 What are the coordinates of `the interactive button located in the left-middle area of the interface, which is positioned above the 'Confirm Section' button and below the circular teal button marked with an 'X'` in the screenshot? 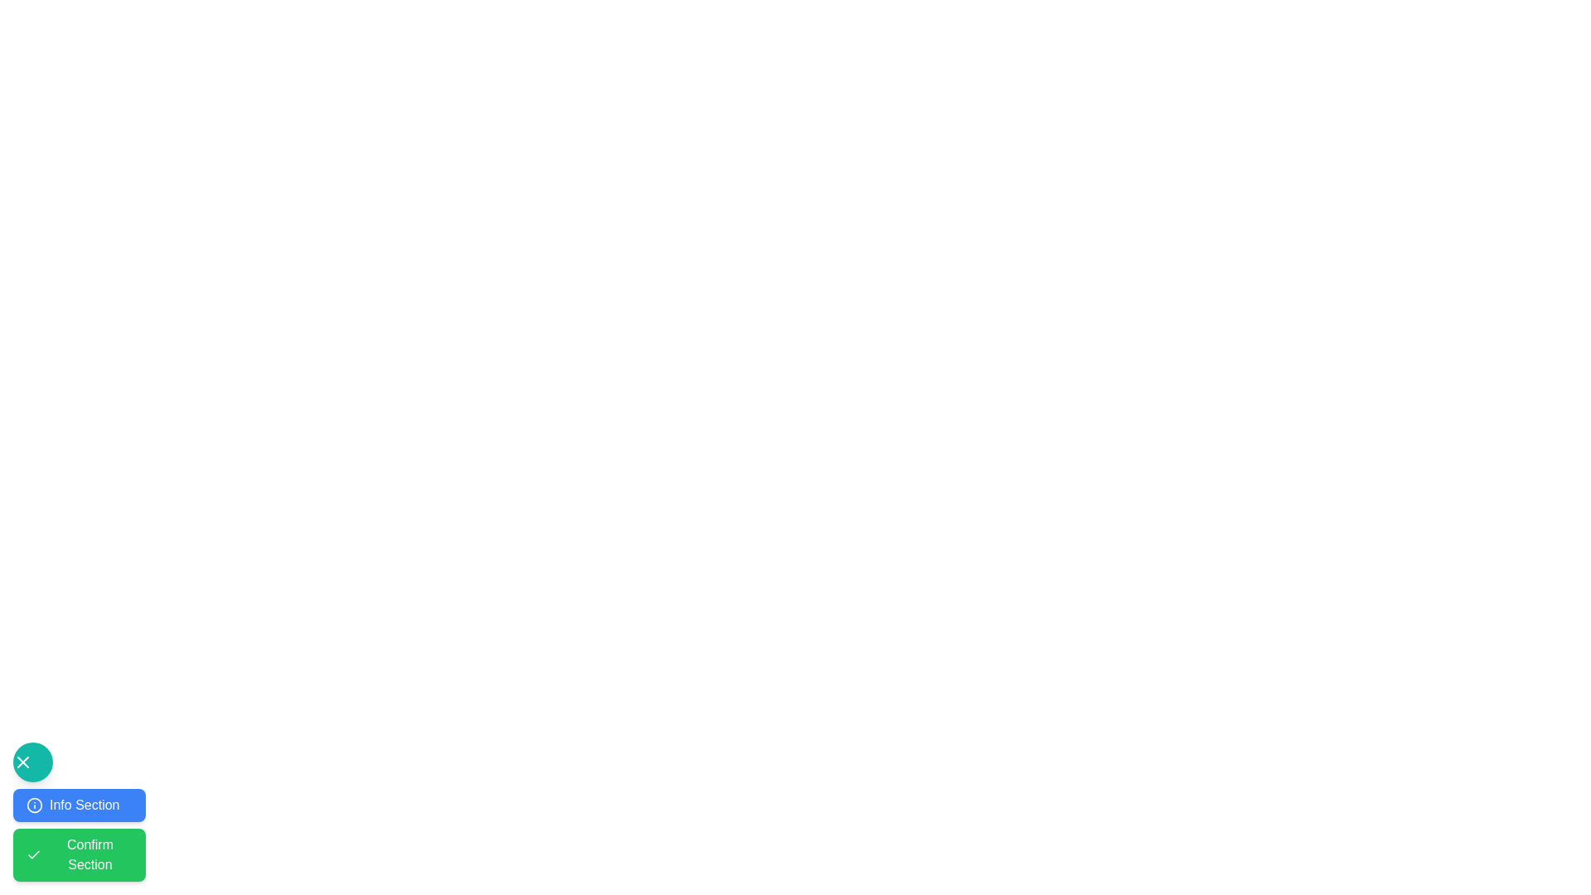 It's located at (79, 805).